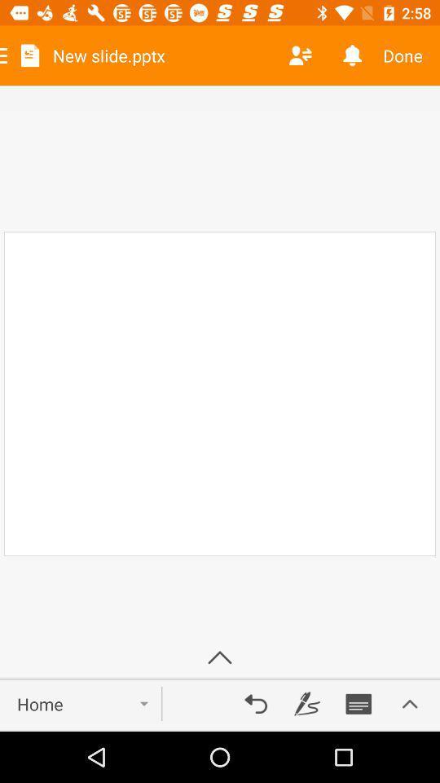  Describe the element at coordinates (359, 703) in the screenshot. I see `save` at that location.